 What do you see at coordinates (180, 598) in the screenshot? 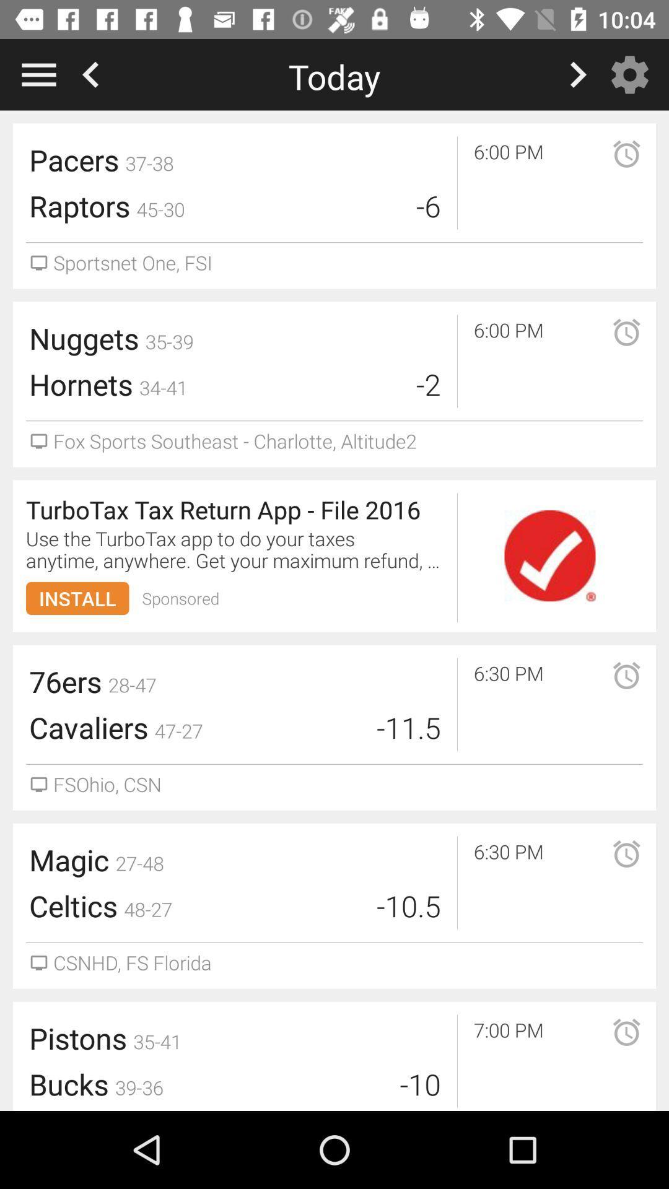
I see `the sponsored icon` at bounding box center [180, 598].